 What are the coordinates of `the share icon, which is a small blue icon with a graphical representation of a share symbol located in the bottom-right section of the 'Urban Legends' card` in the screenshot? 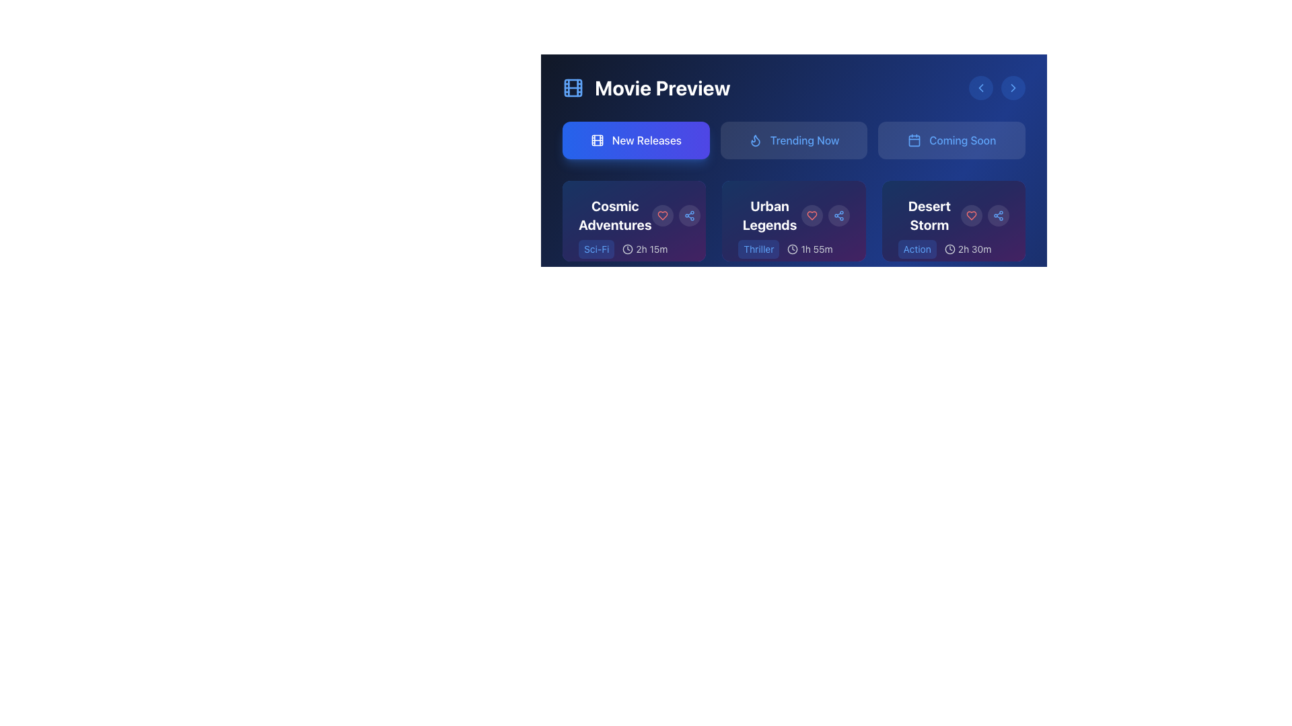 It's located at (838, 214).